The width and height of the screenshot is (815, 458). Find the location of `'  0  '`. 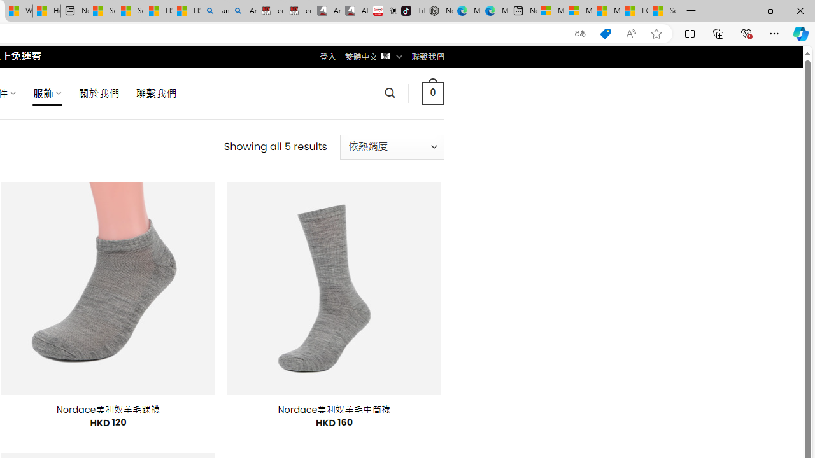

'  0  ' is located at coordinates (432, 92).